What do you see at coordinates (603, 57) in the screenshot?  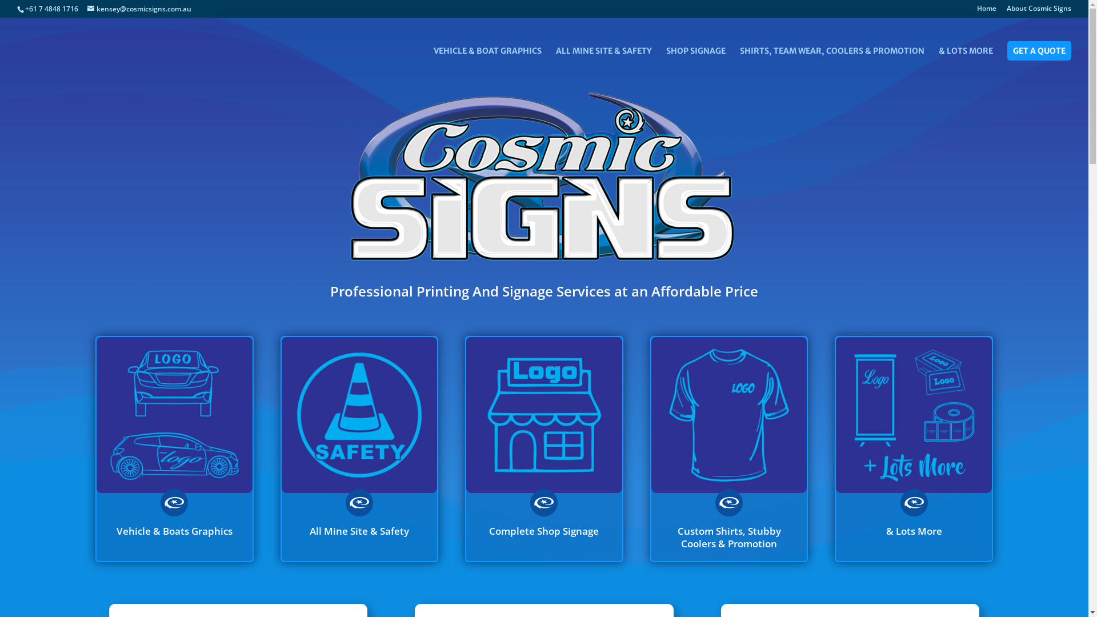 I see `'ALL MINE SITE & SAFETY'` at bounding box center [603, 57].